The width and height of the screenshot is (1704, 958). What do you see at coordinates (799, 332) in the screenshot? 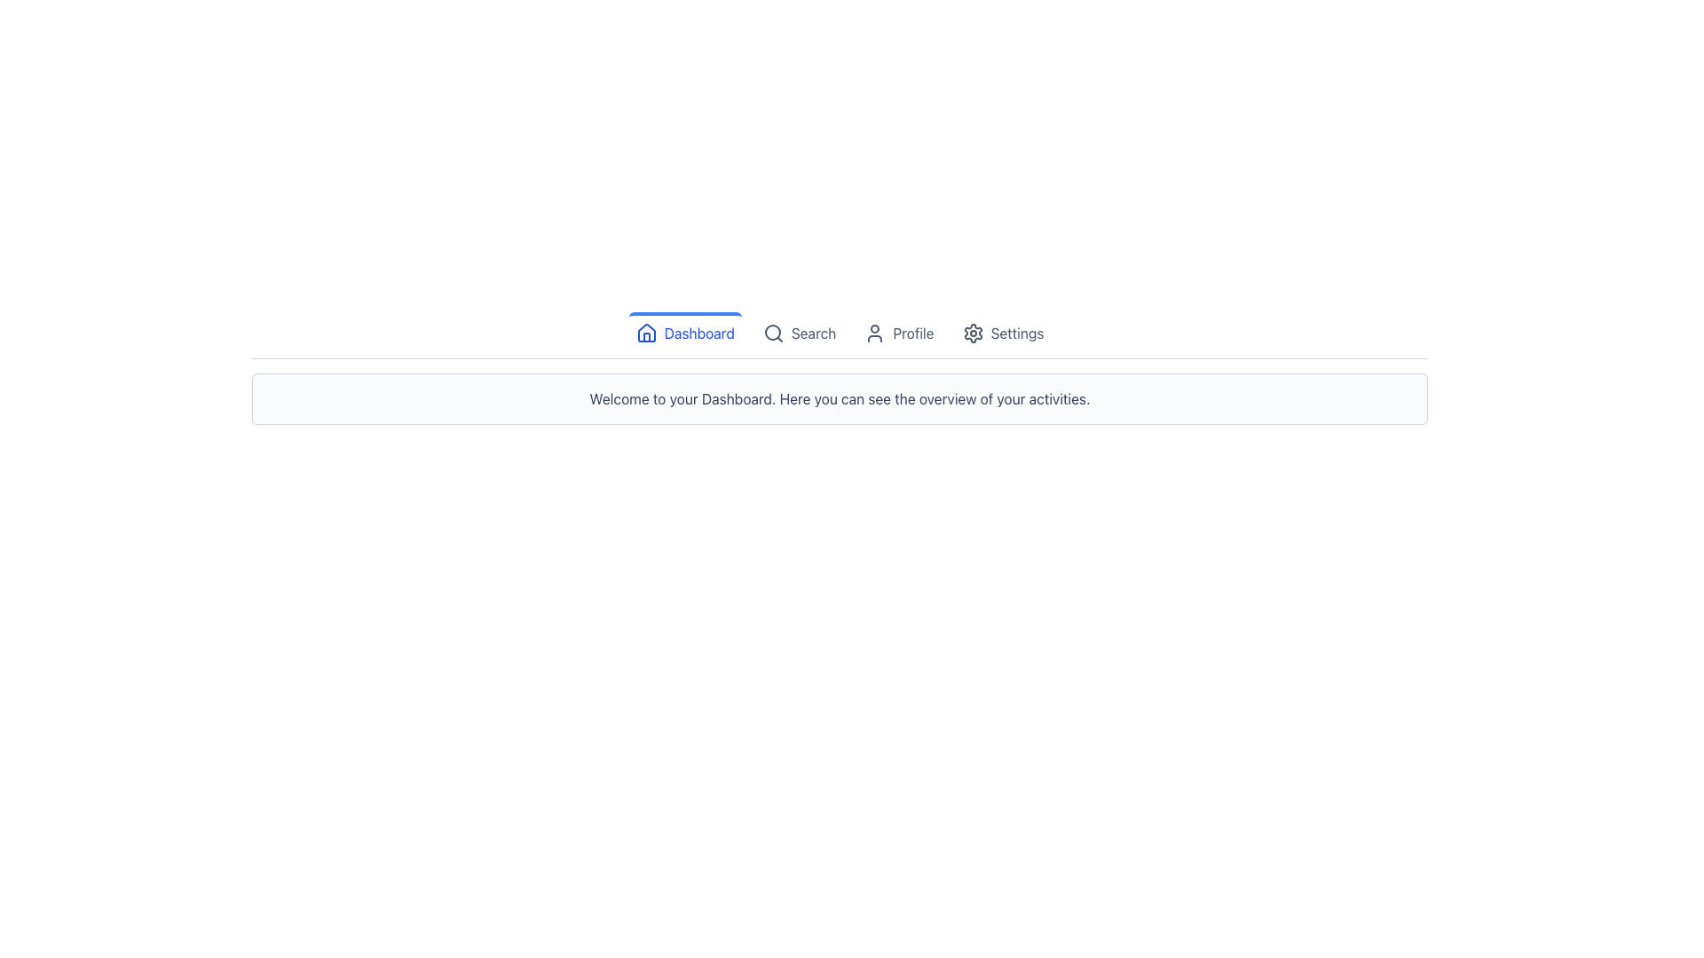
I see `the navigation button located in the horizontal navigation bar to the right of the 'Dashboard' item and to the left of the 'Profile' item` at bounding box center [799, 332].